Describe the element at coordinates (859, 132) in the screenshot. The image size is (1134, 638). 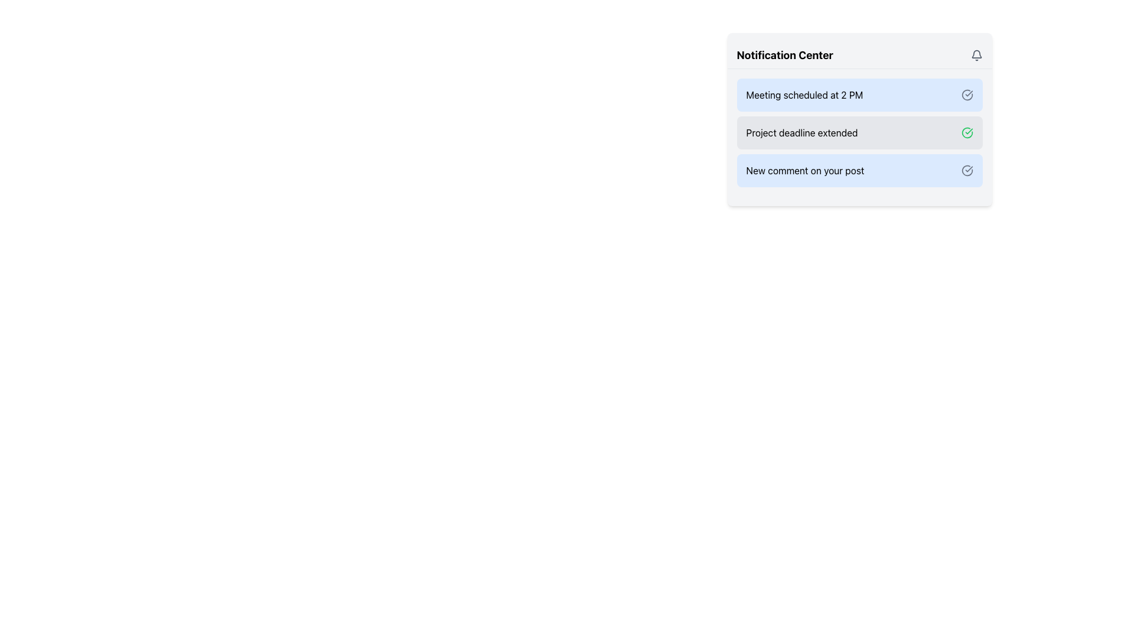
I see `the second notification block in the Notification Center to mark it as read` at that location.